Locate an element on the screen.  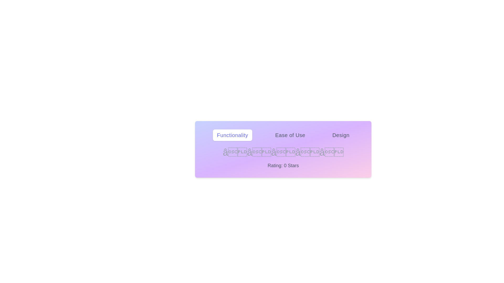
the tab labeled Design is located at coordinates (341, 135).